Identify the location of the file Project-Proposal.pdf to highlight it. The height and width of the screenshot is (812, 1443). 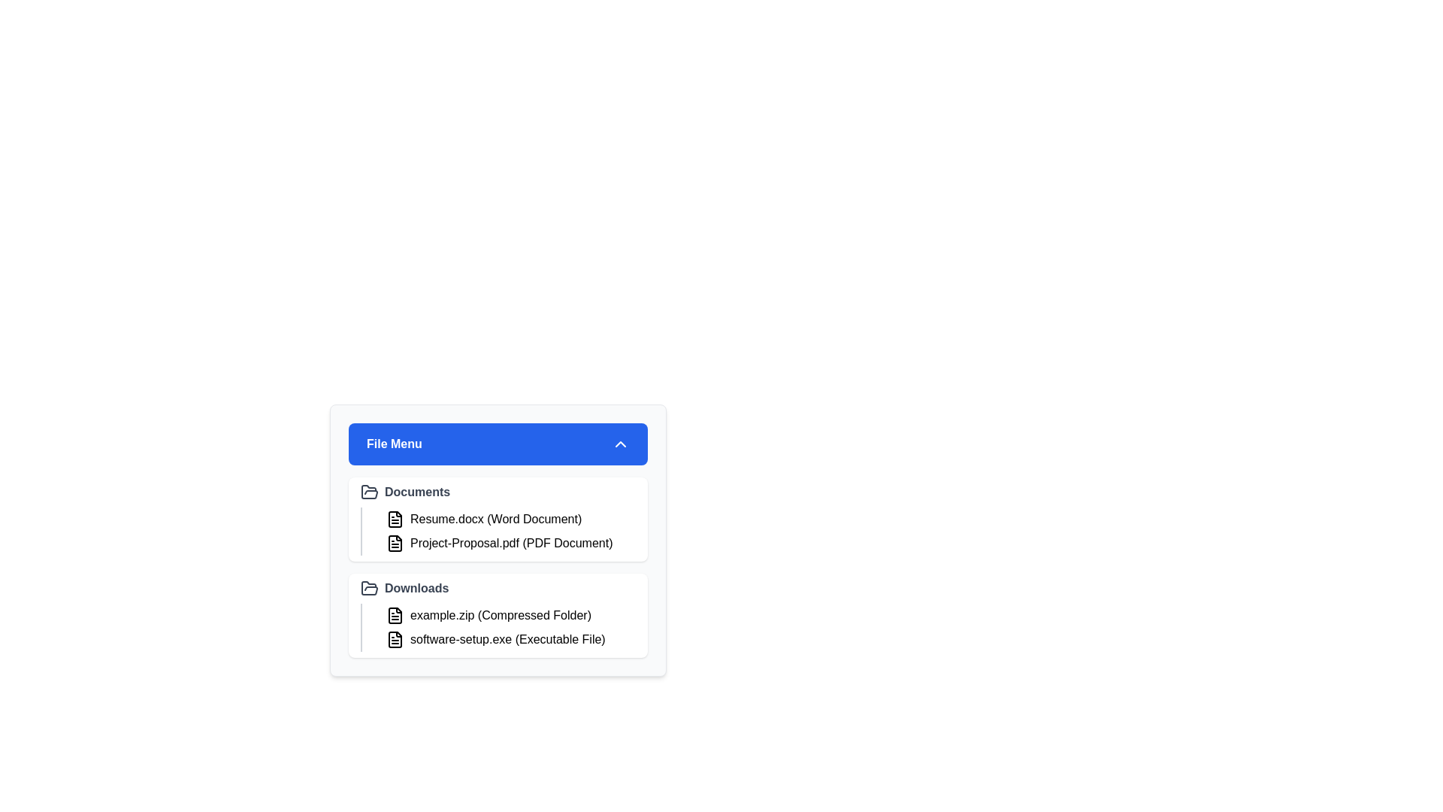
(508, 543).